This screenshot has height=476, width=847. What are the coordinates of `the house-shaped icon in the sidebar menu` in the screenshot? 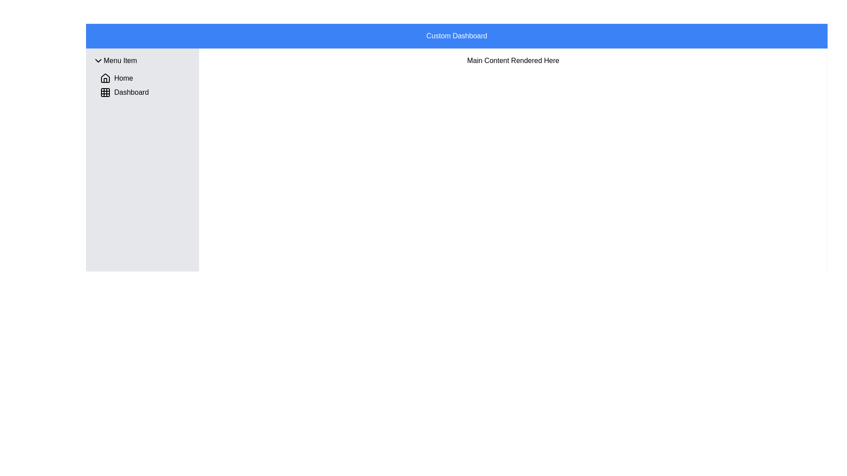 It's located at (105, 78).